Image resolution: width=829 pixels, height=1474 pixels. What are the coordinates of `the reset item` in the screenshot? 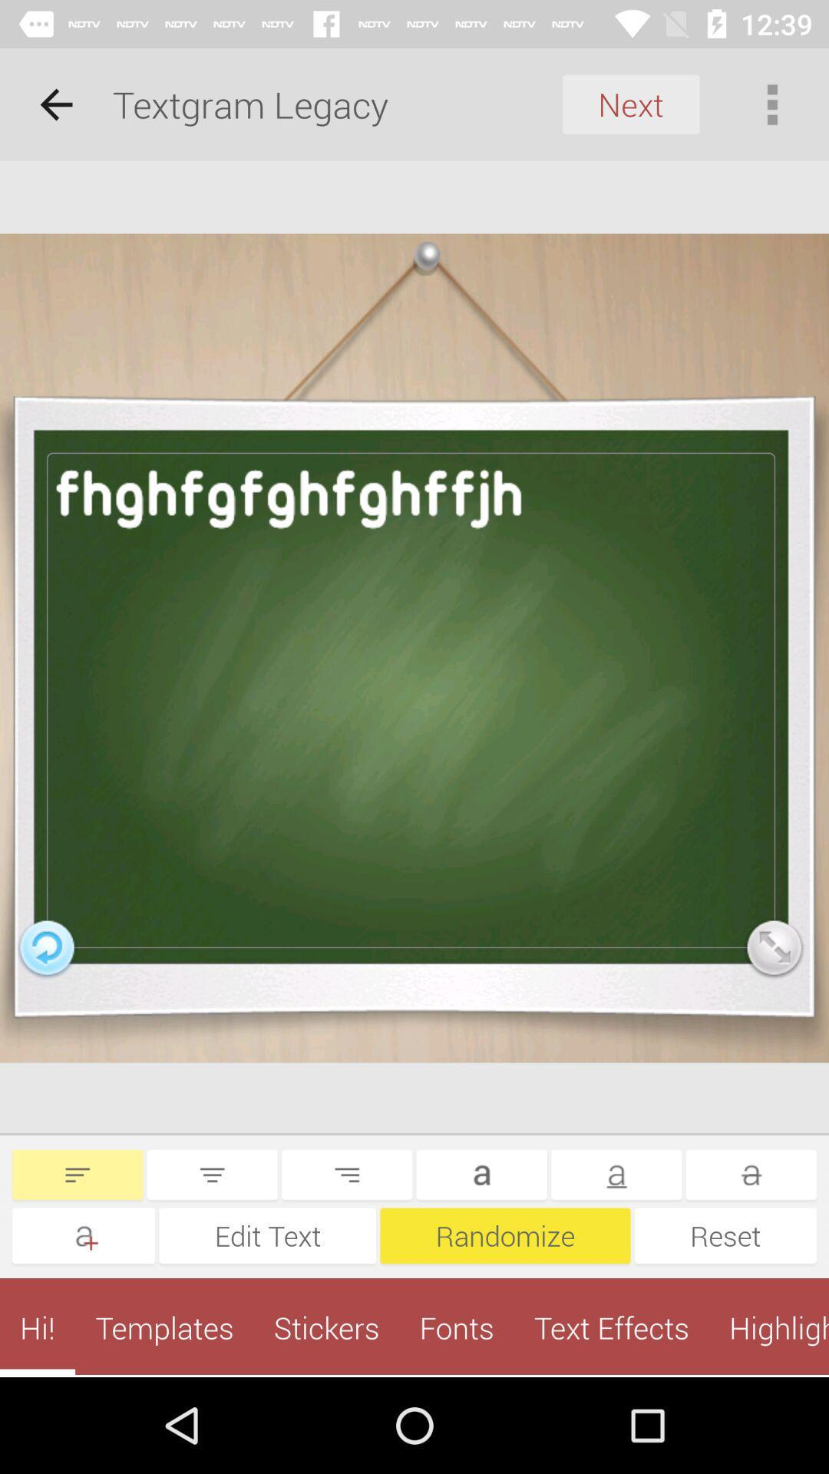 It's located at (725, 1235).